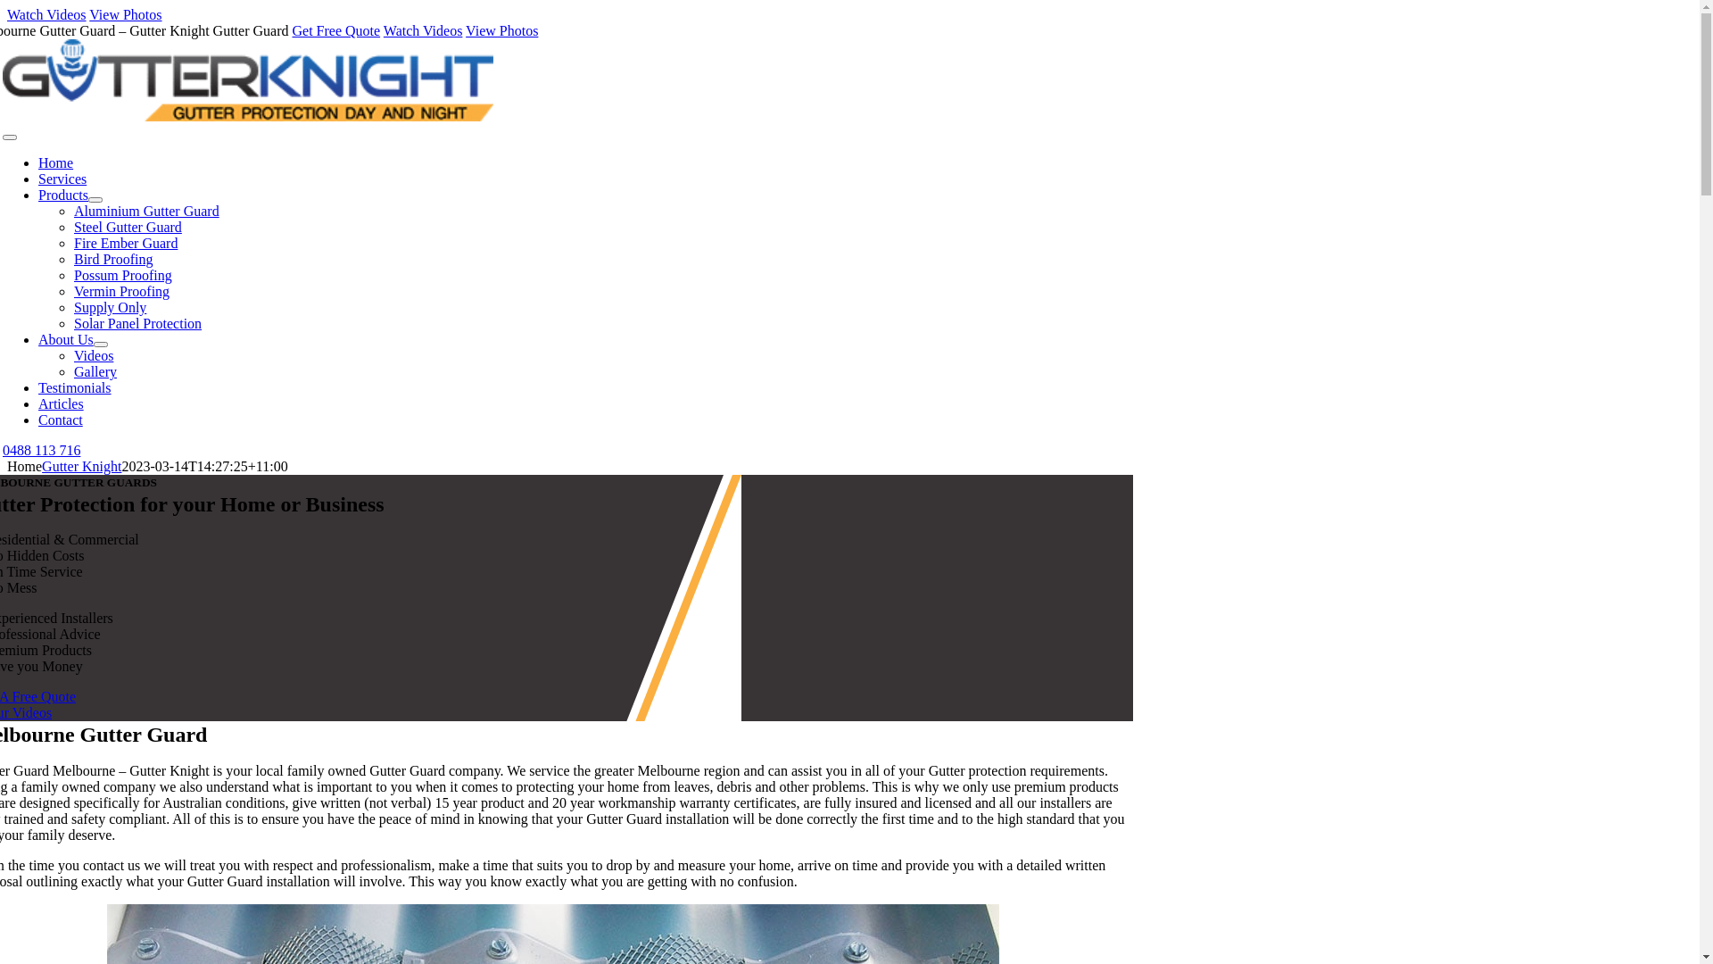 The height and width of the screenshot is (964, 1713). I want to click on 'Watch Videos', so click(422, 30).